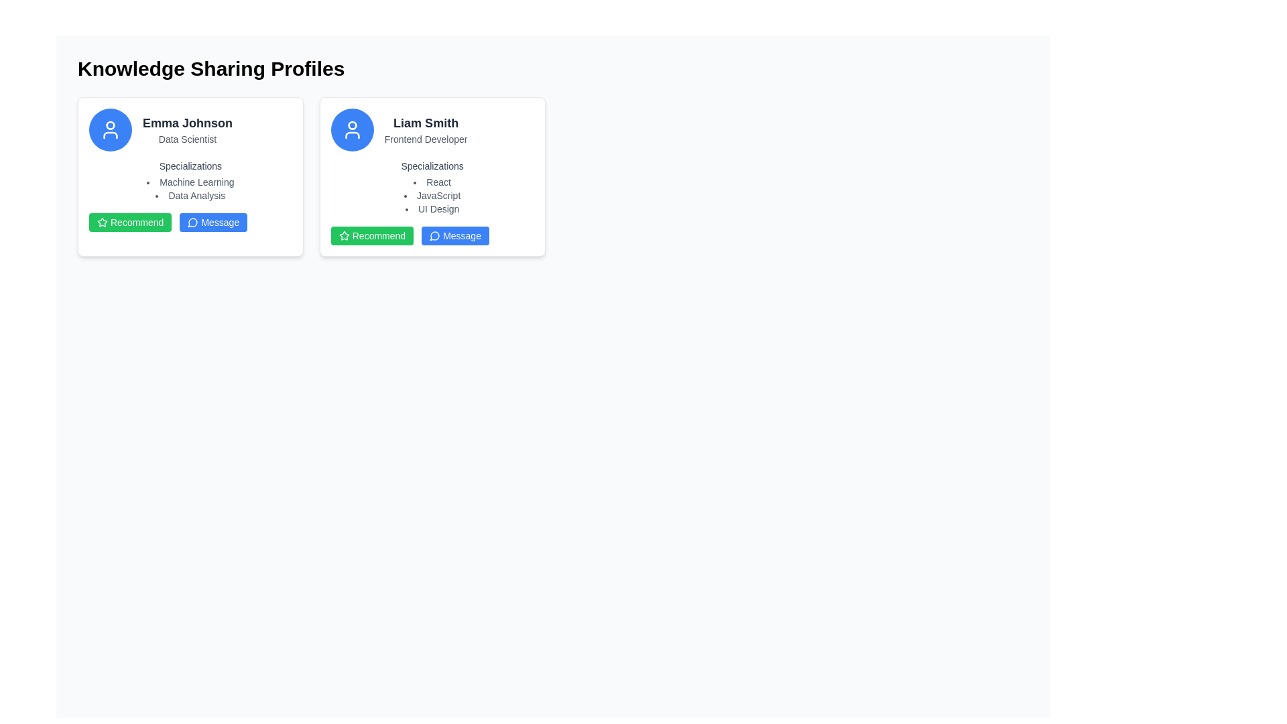 The width and height of the screenshot is (1287, 724). What do you see at coordinates (186, 129) in the screenshot?
I see `the text label component located in the first profile card on the left of the 'Knowledge Sharing Profiles' page, positioned below the circular avatar icon and above the list of specializations` at bounding box center [186, 129].